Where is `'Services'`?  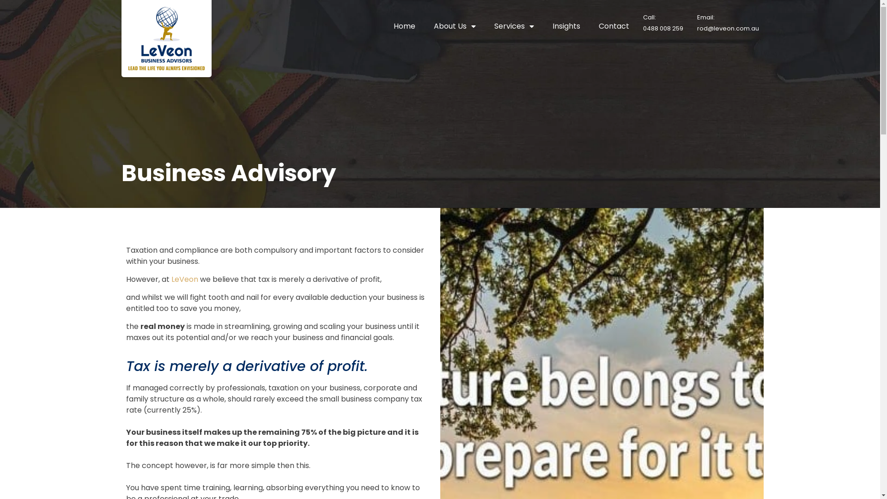
'Services' is located at coordinates (514, 26).